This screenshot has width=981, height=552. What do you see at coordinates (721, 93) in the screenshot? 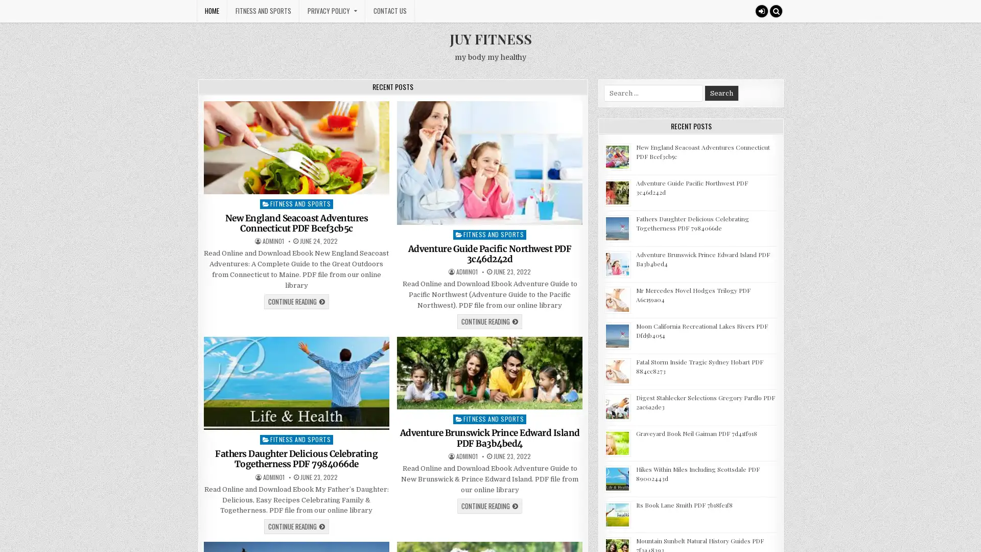
I see `Search` at bounding box center [721, 93].